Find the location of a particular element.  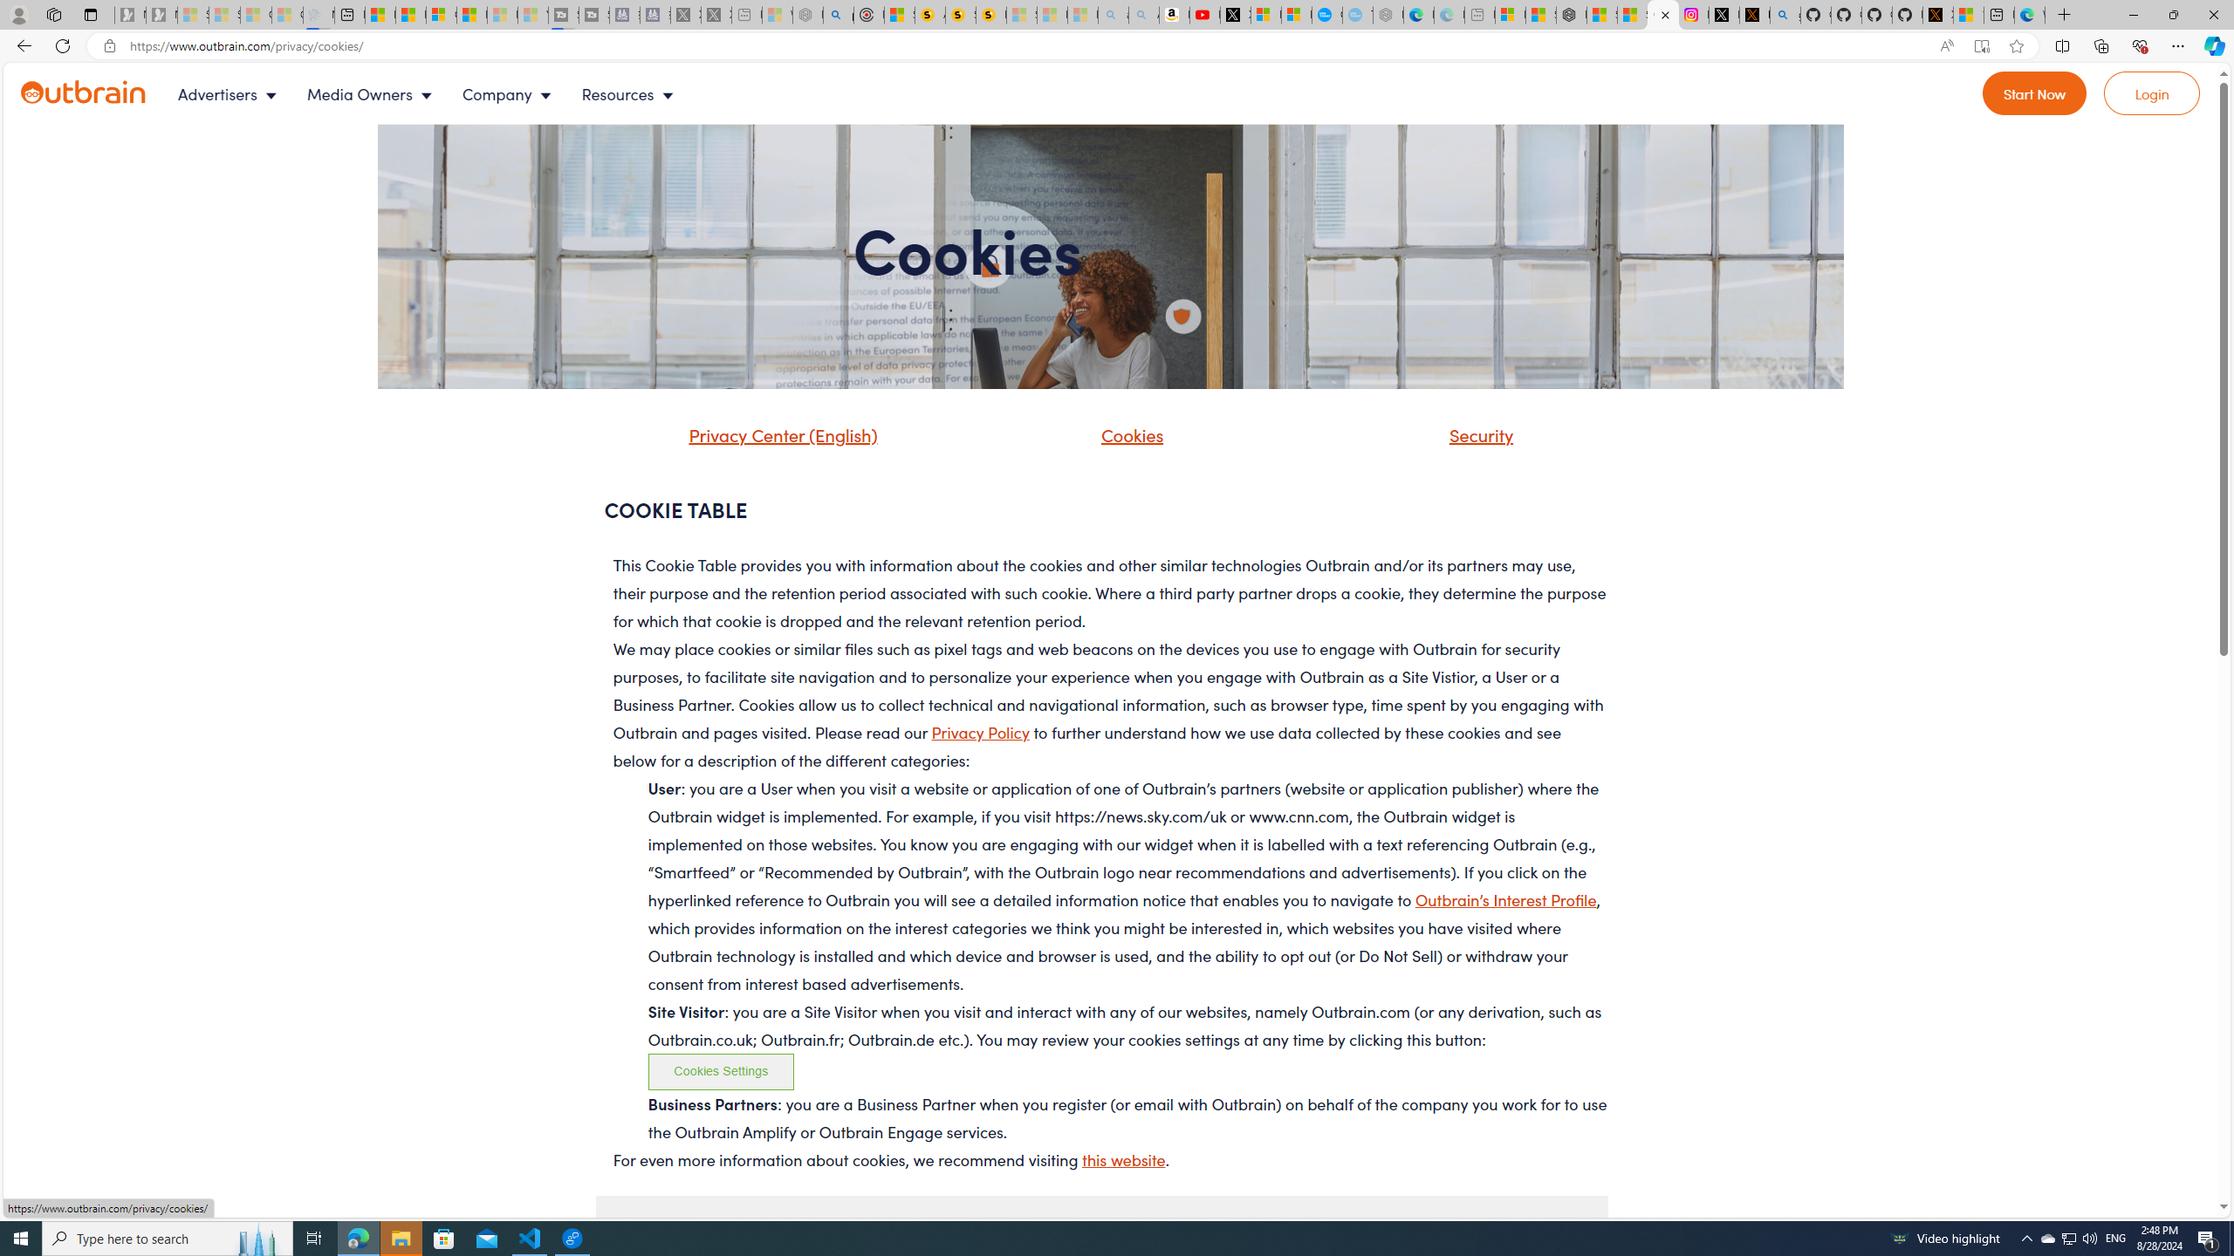

'Log in to X / X' is located at coordinates (1724, 14).